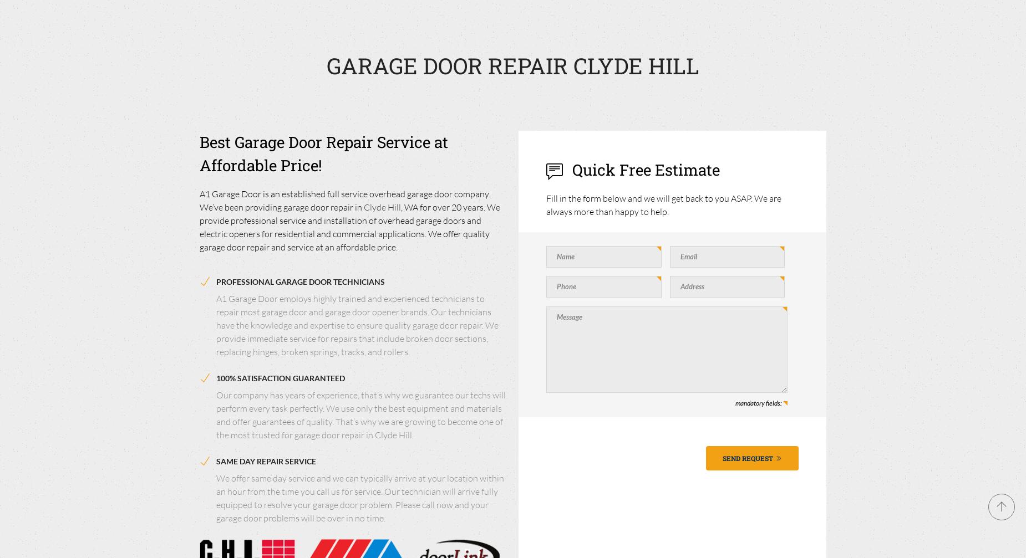  What do you see at coordinates (327, 65) in the screenshot?
I see `'GARAGE DOOR REPAIR CLYDE HILL'` at bounding box center [327, 65].